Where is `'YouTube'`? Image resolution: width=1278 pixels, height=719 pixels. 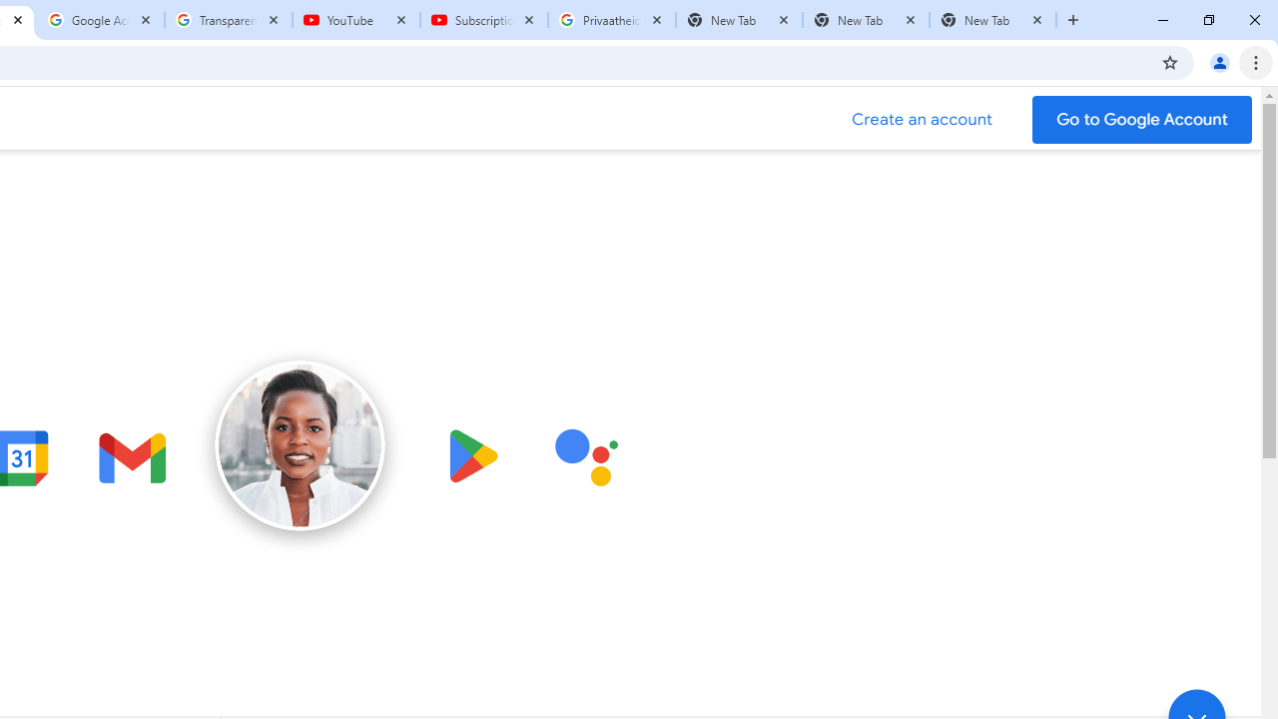
'YouTube' is located at coordinates (356, 20).